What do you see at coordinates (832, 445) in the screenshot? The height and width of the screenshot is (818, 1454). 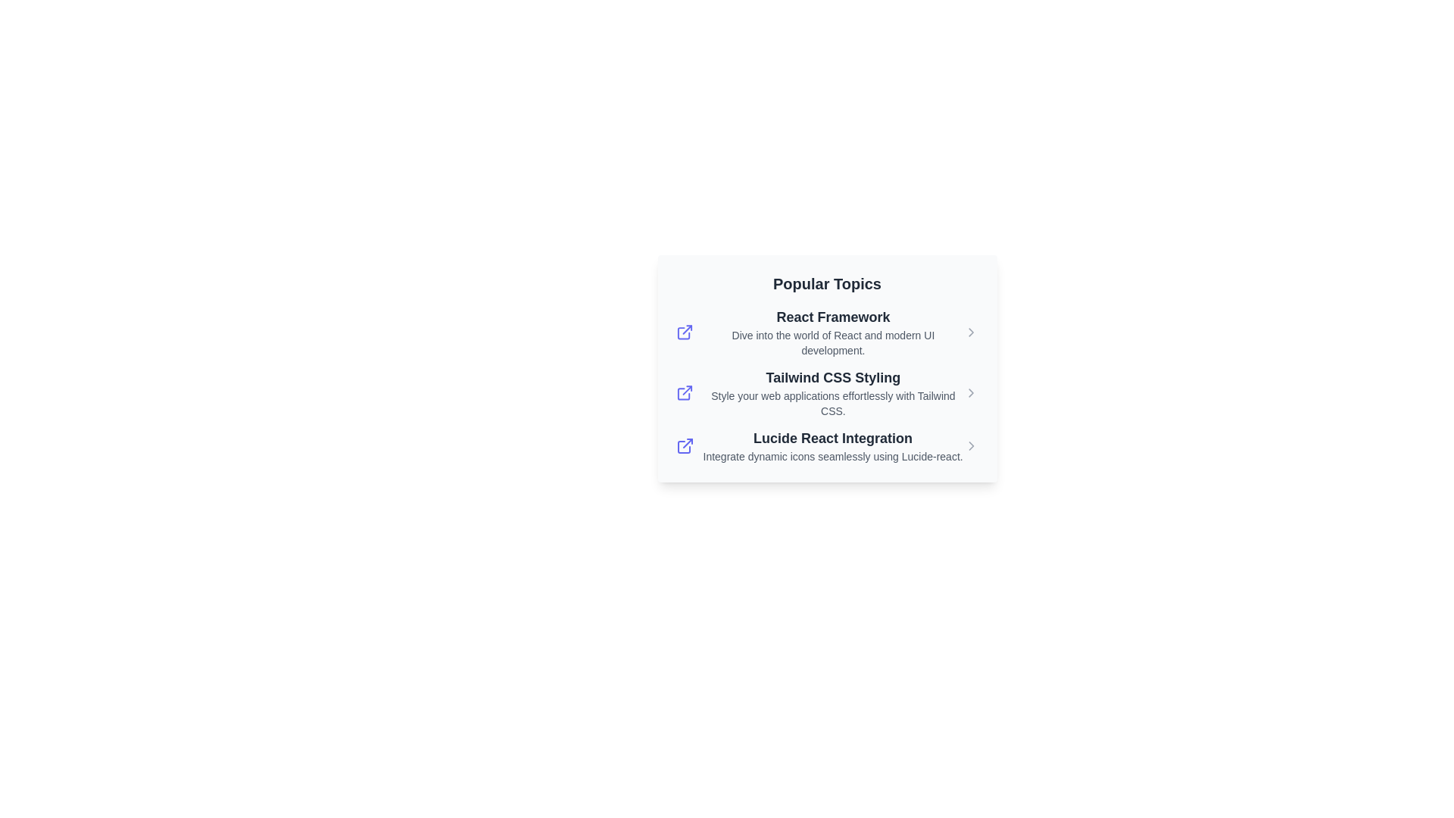 I see `the group of linked text items titled 'Lucide React Integration'` at bounding box center [832, 445].